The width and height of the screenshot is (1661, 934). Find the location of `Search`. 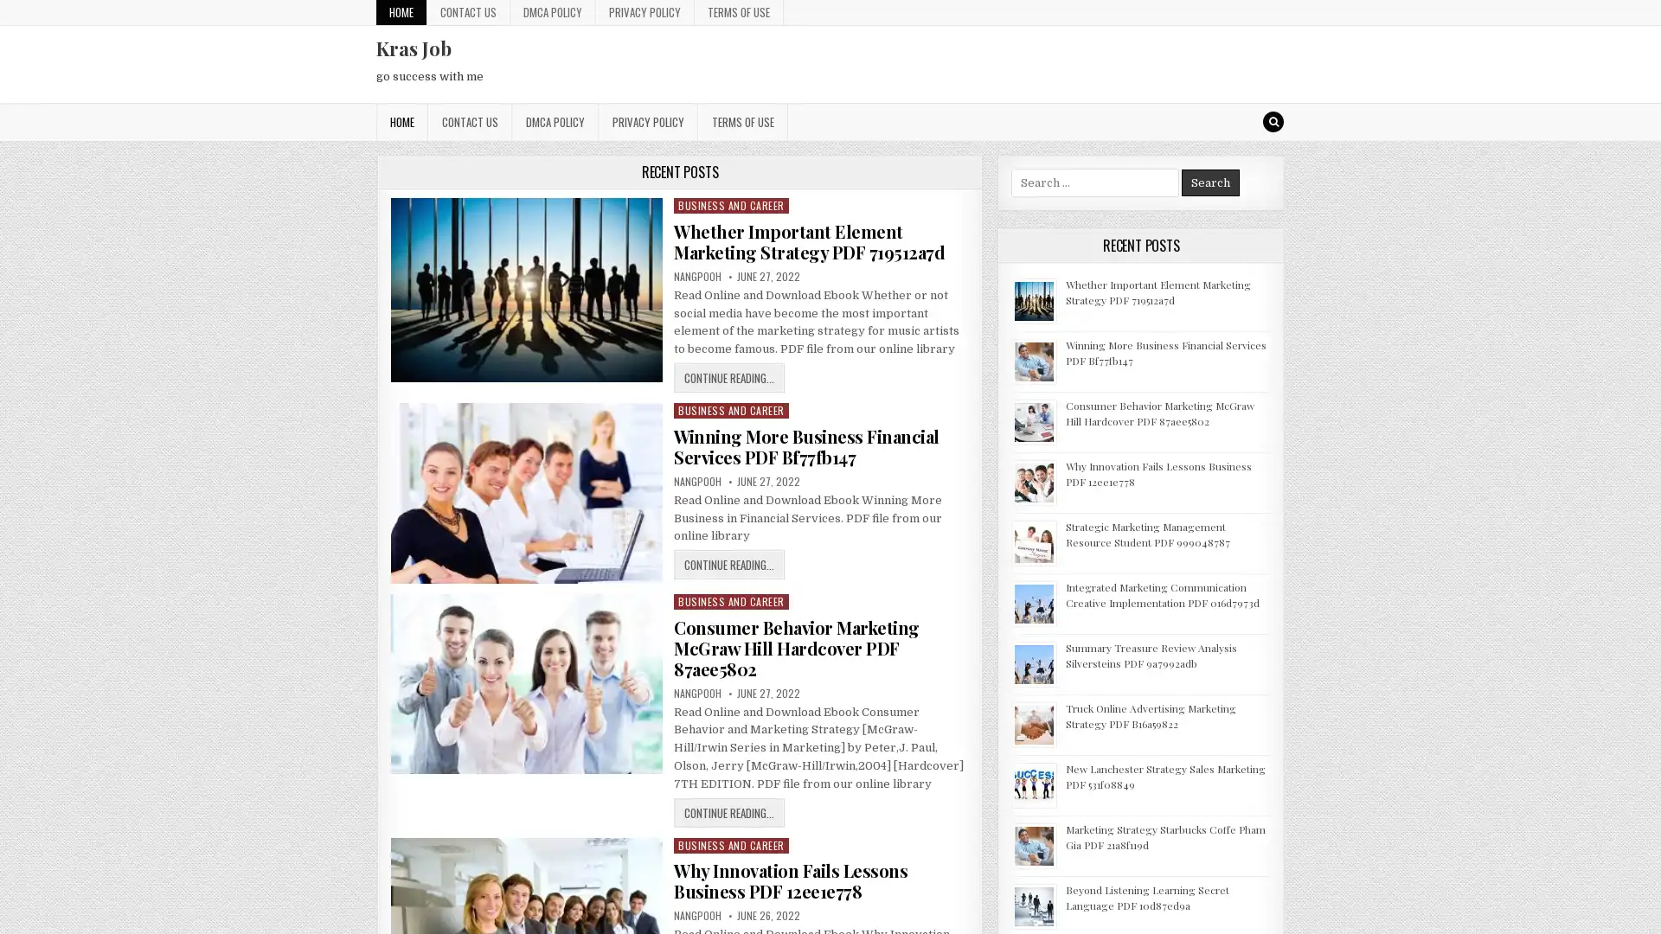

Search is located at coordinates (1209, 182).